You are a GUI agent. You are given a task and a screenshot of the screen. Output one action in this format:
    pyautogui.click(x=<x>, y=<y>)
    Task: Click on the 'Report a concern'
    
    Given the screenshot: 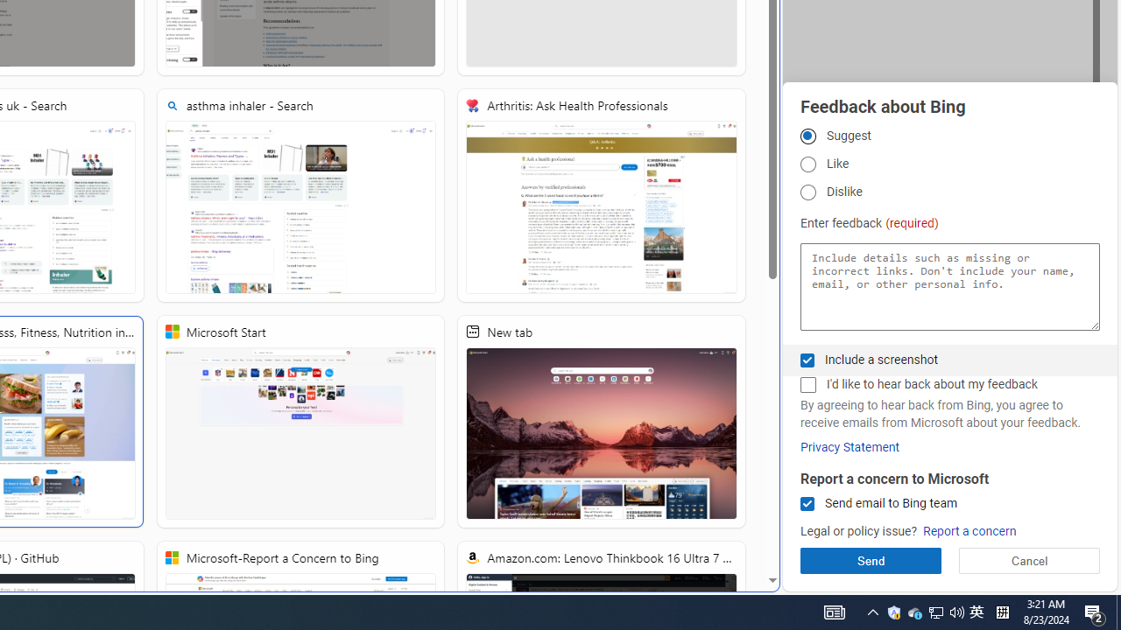 What is the action you would take?
    pyautogui.click(x=969, y=530)
    